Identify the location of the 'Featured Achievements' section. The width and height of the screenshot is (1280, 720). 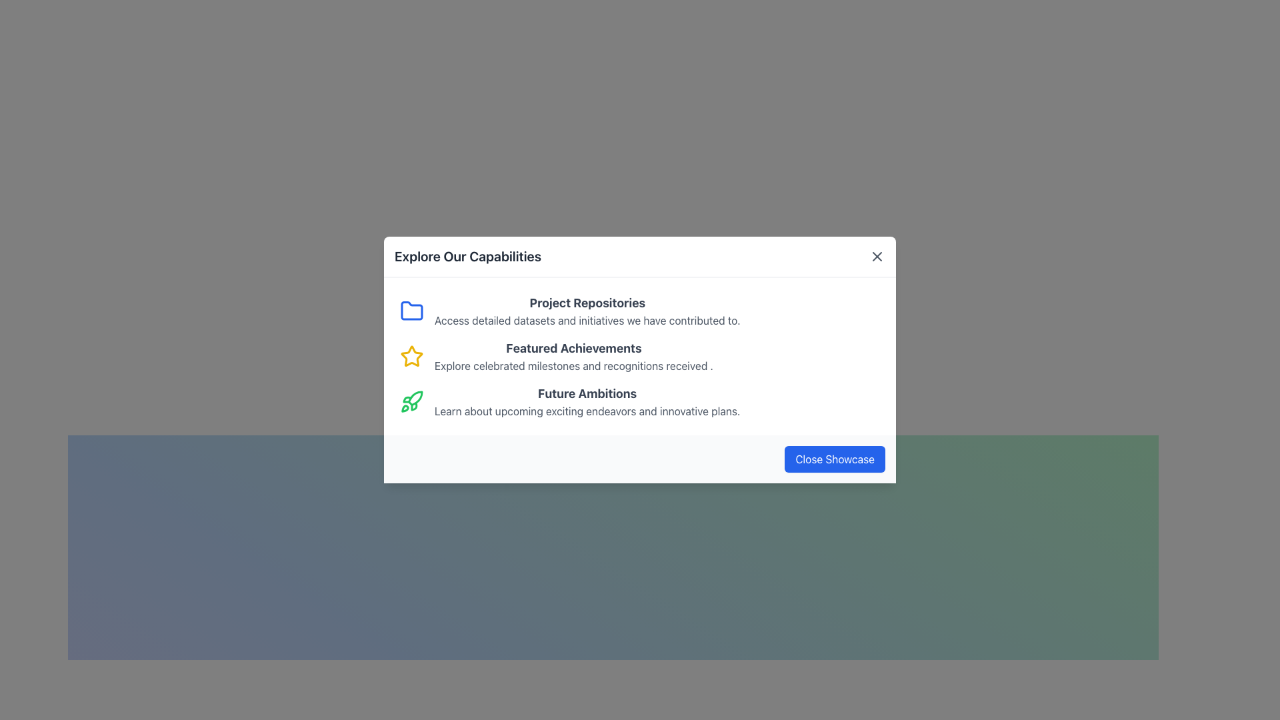
(640, 356).